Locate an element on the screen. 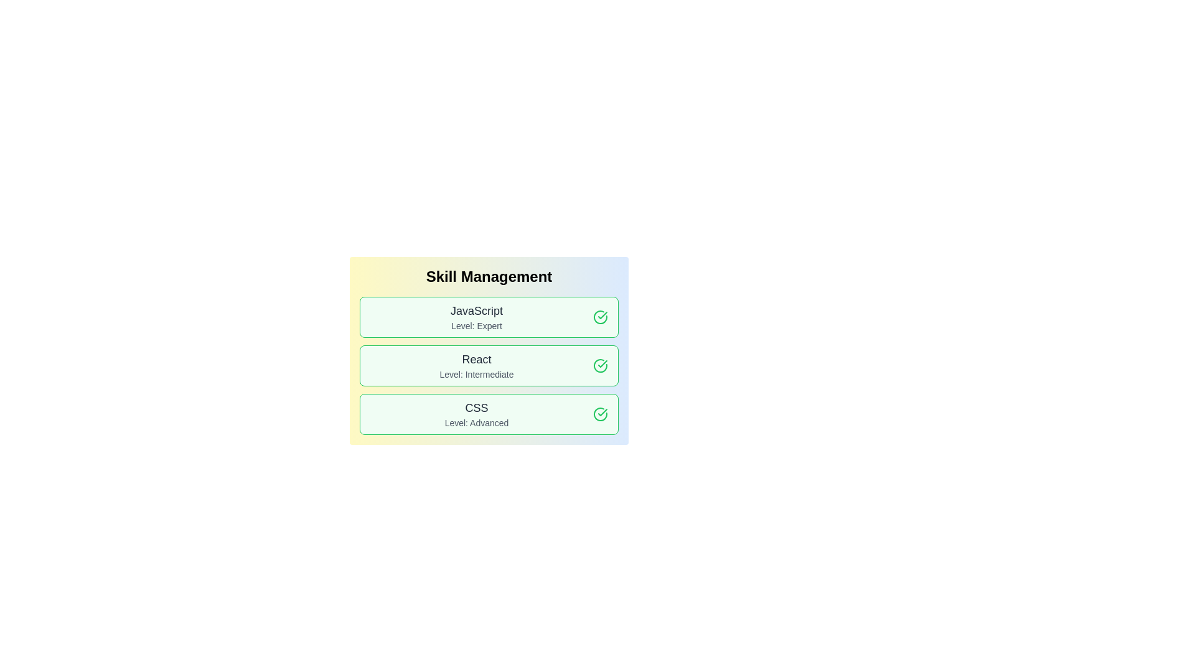  deactivate button for the skill JavaScript is located at coordinates (600, 316).